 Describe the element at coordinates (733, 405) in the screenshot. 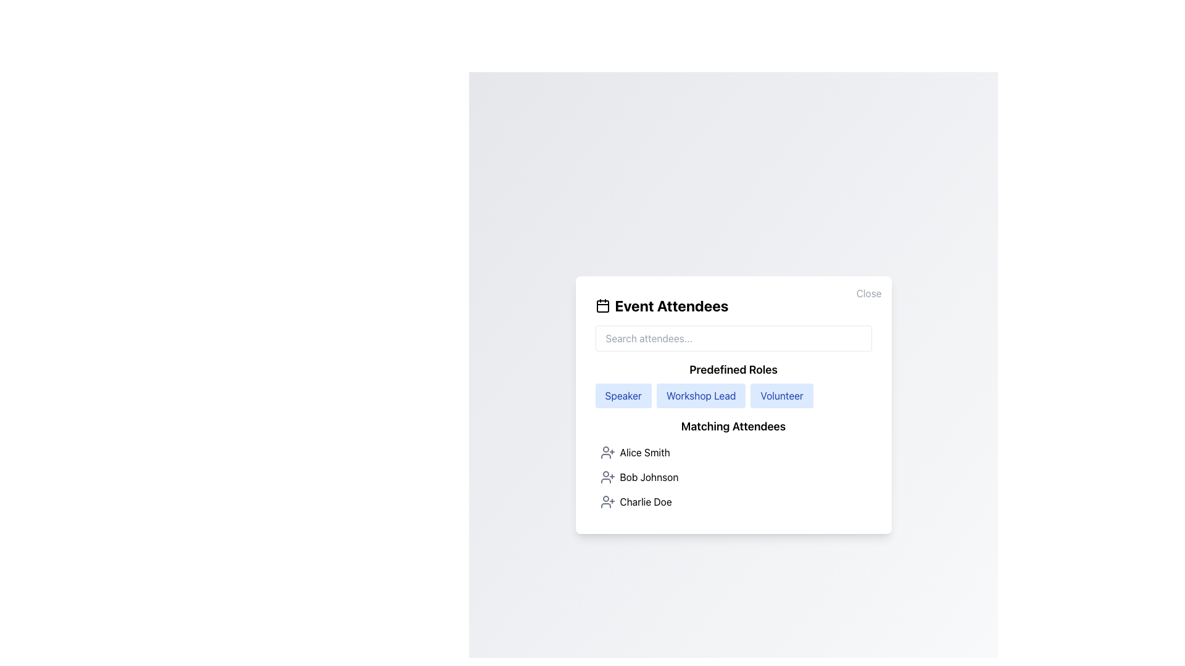

I see `the 'Workshop Lead' button, which is displayed in blue text on a light blue background within the 'Event Attendees' pop-up under 'Predefined Roles', positioned between the 'Speaker' and 'Volunteer' buttons` at that location.